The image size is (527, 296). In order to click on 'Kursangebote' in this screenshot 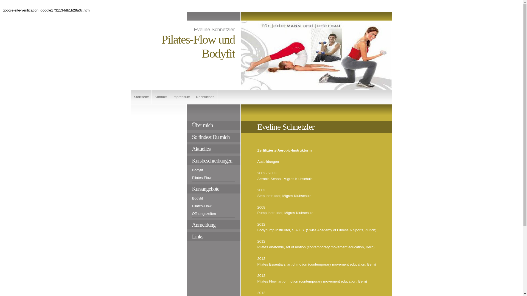, I will do `click(213, 189)`.